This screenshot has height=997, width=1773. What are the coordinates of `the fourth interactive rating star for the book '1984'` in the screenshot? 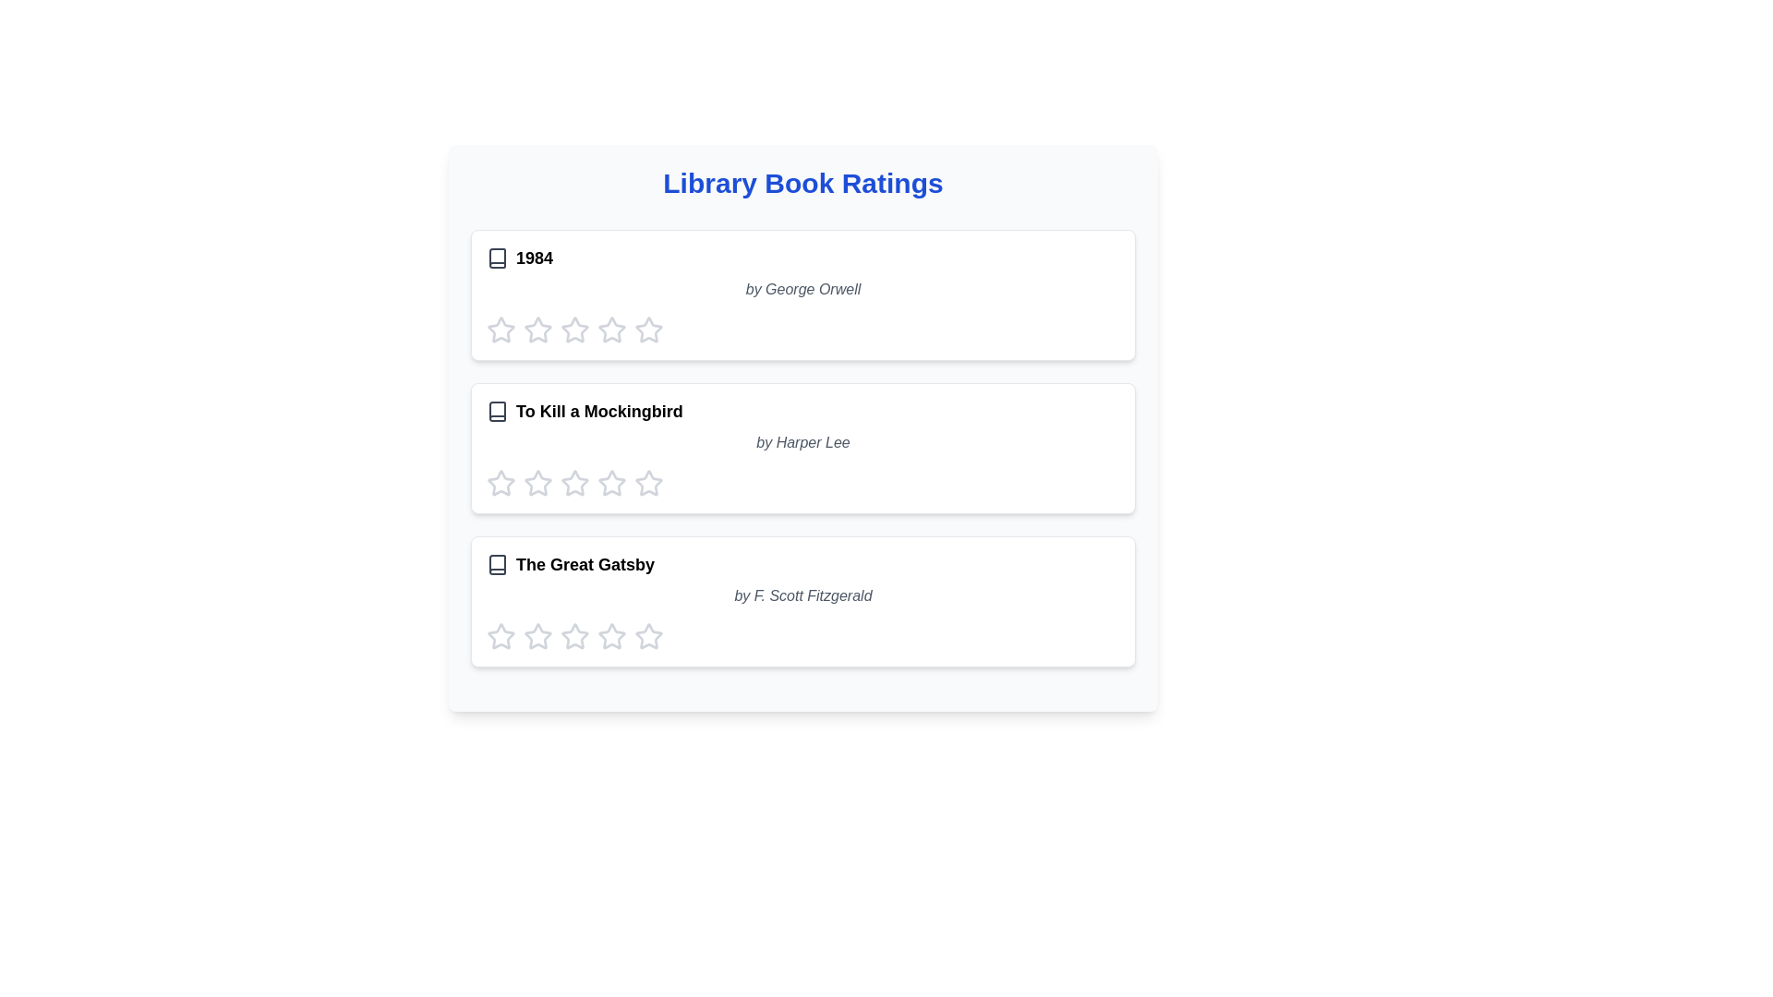 It's located at (648, 329).